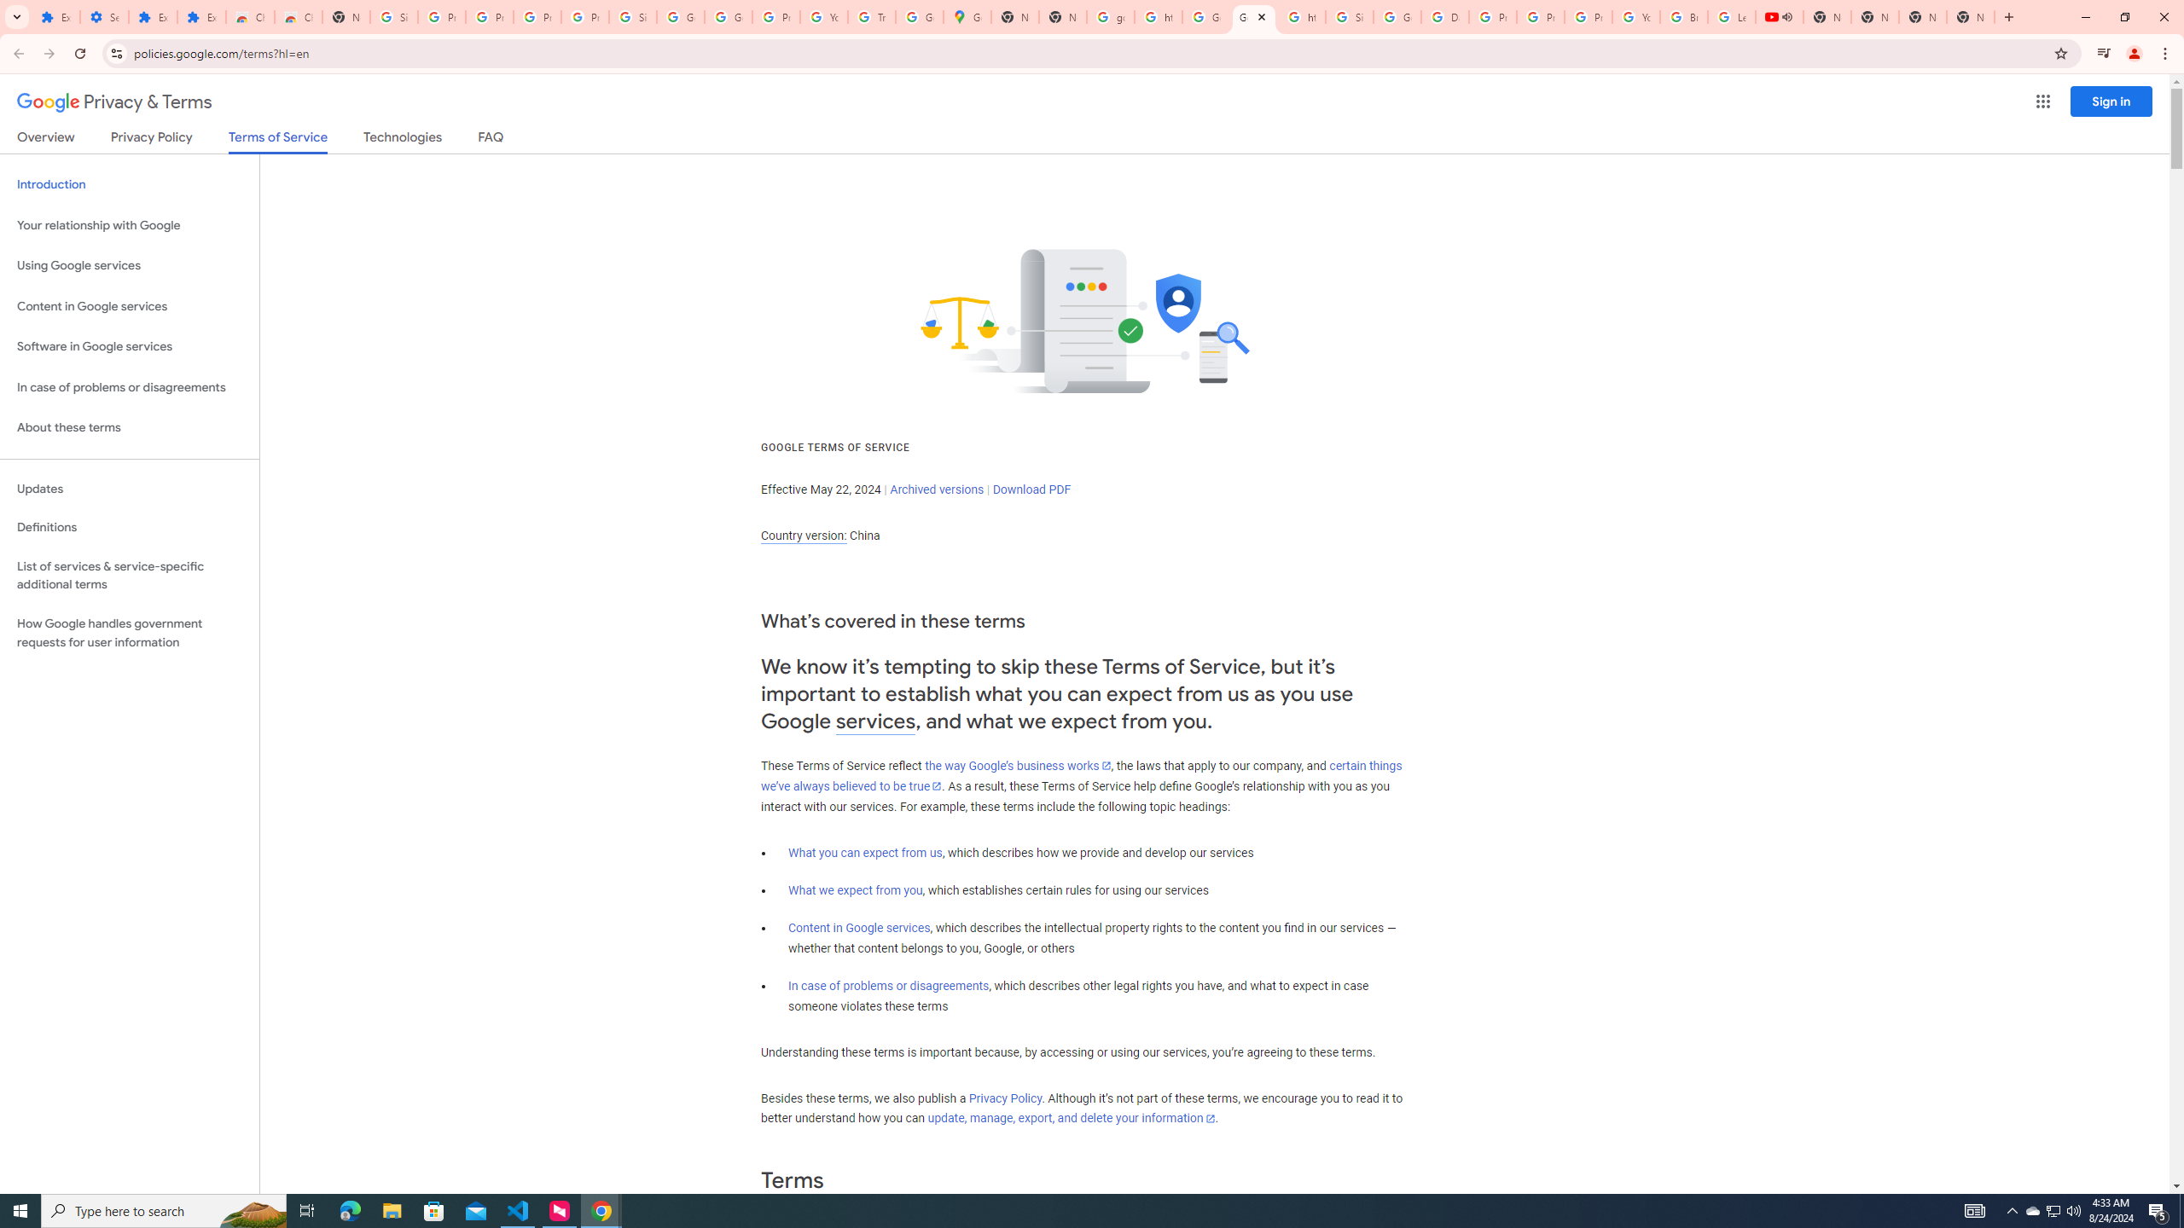 This screenshot has height=1228, width=2184. I want to click on 'services', so click(875, 721).